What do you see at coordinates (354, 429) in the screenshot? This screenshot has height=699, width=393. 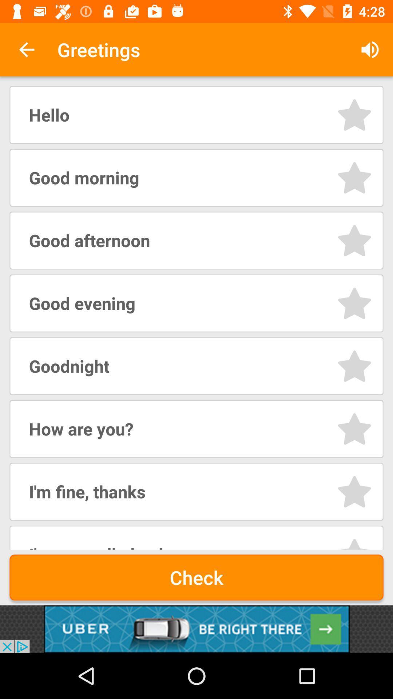 I see `star` at bounding box center [354, 429].